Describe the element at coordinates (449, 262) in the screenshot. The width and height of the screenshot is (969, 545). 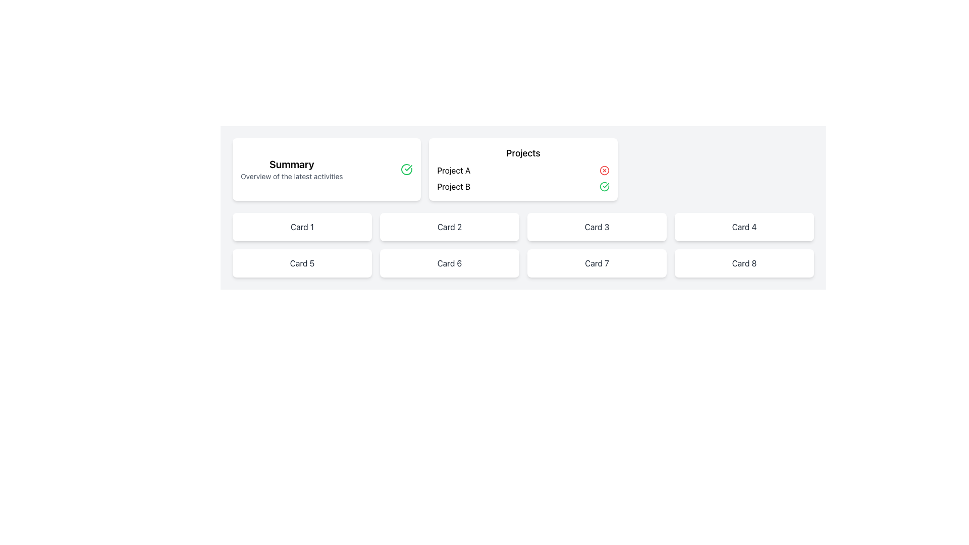
I see `the rectangular card with rounded corners that has a white background and the text label 'Card 6' centered in dark font, located in the second row and second column of the grid layout` at that location.